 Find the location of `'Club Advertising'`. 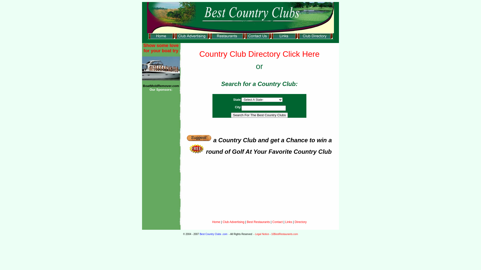

'Club Advertising' is located at coordinates (234, 221).